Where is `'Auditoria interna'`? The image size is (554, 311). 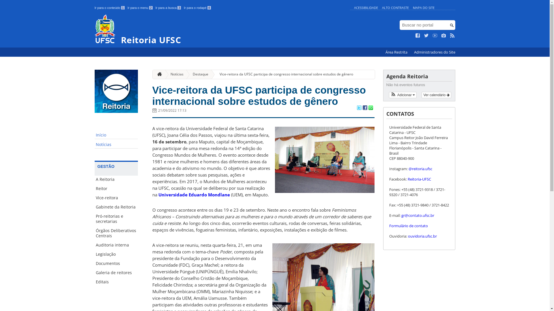
'Auditoria interna' is located at coordinates (116, 245).